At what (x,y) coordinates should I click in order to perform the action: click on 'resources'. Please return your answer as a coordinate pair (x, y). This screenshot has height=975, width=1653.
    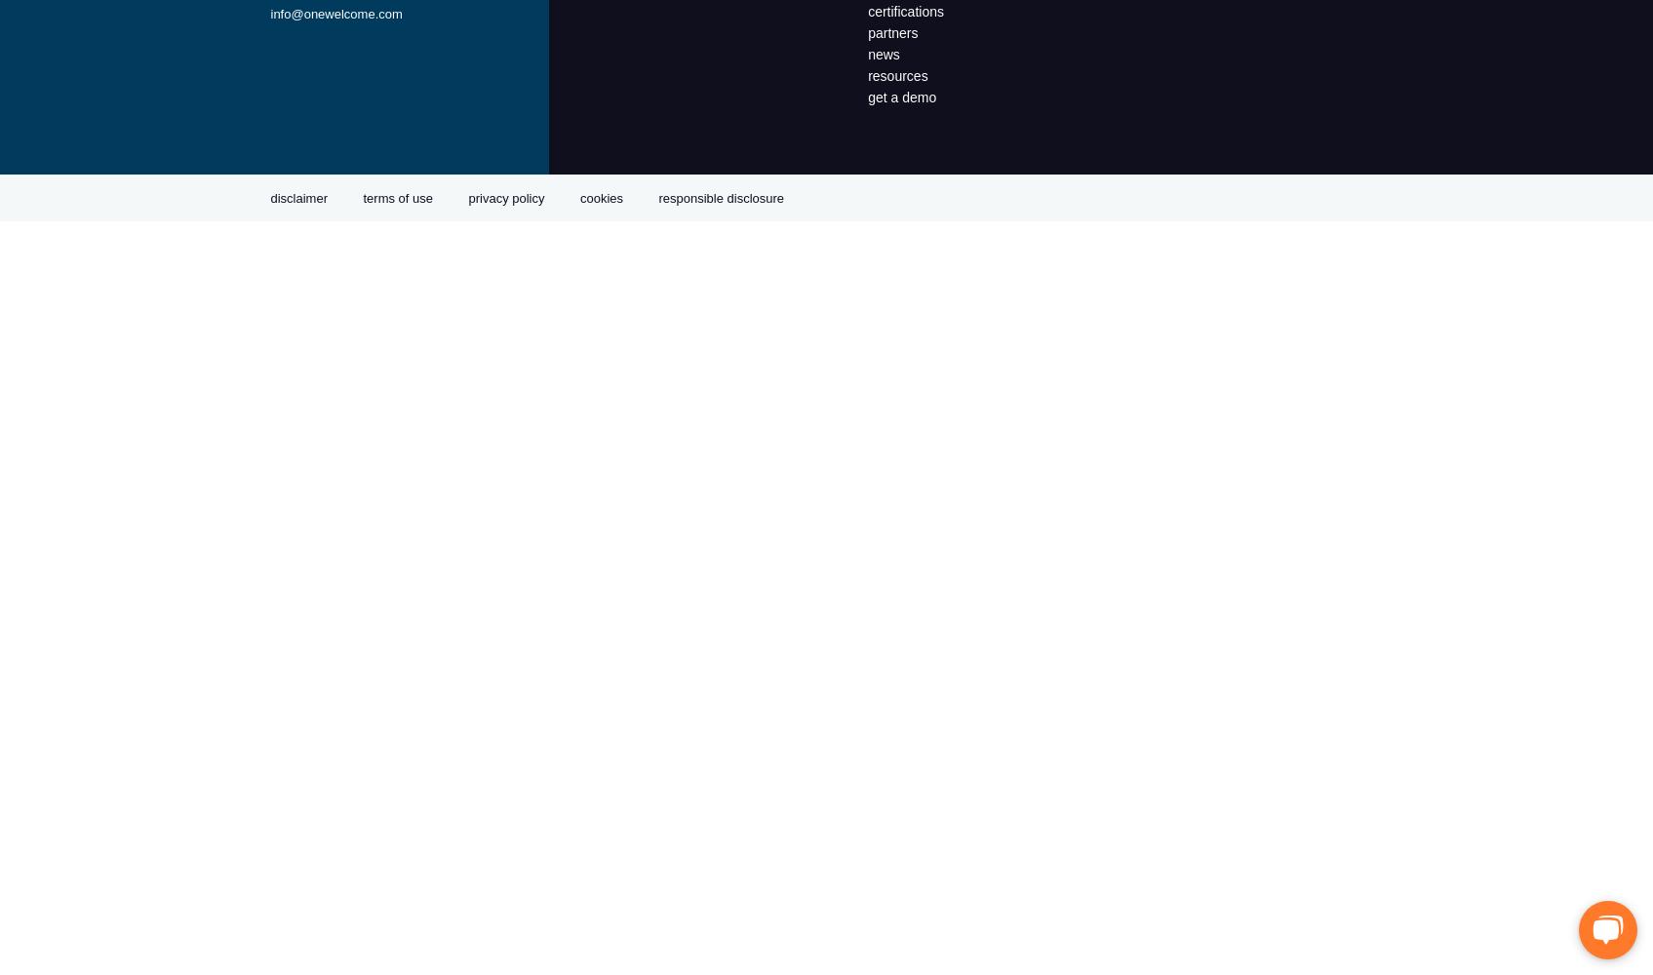
    Looking at the image, I should click on (897, 75).